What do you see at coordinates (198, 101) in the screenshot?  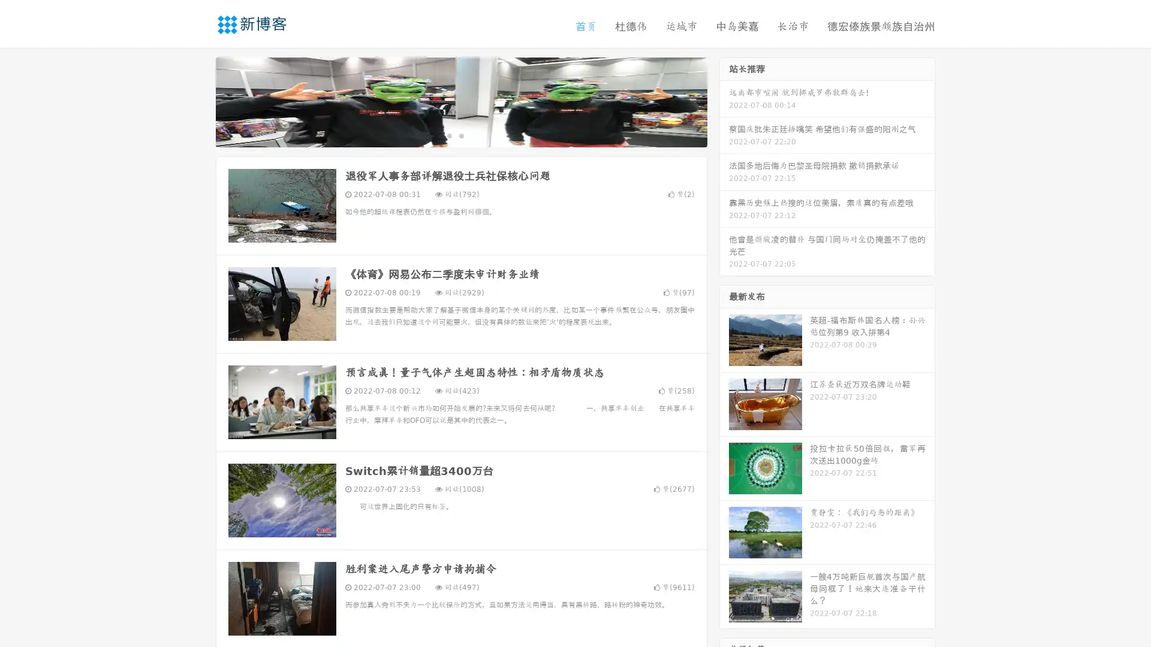 I see `Previous slide` at bounding box center [198, 101].